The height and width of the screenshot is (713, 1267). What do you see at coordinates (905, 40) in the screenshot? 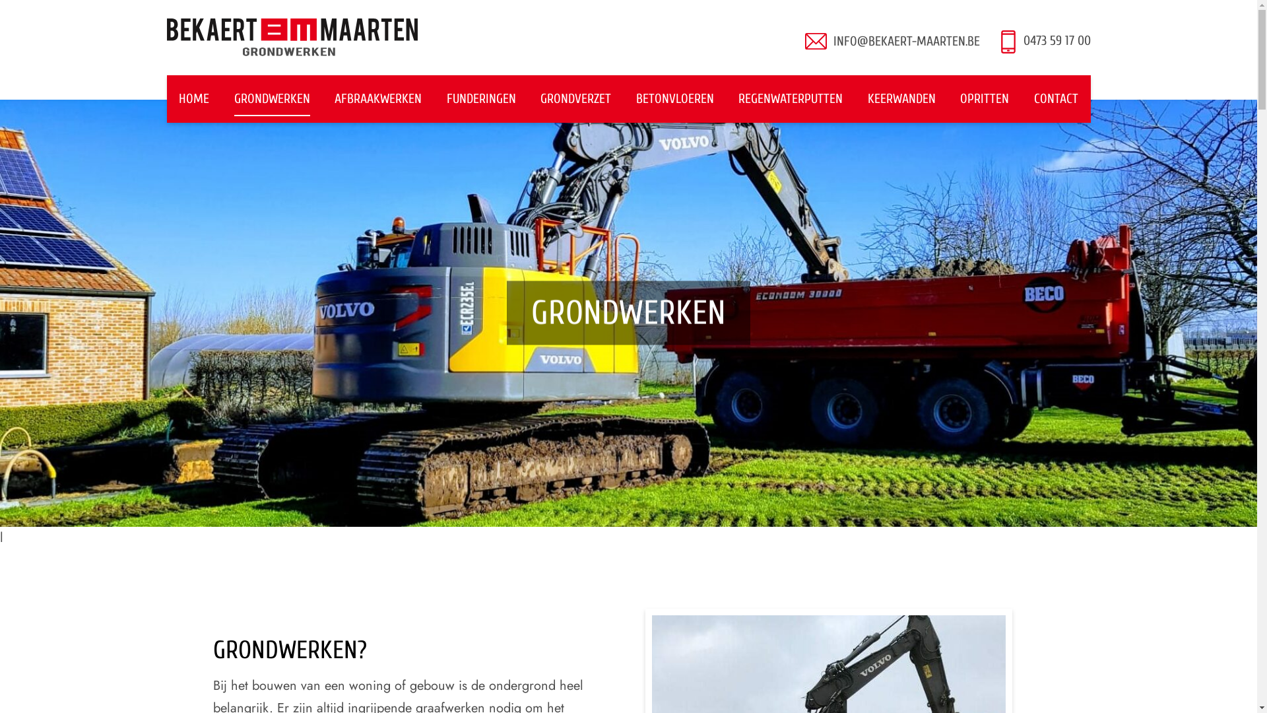
I see `'INFO@BEKAERT-MAARTEN.BE'` at bounding box center [905, 40].